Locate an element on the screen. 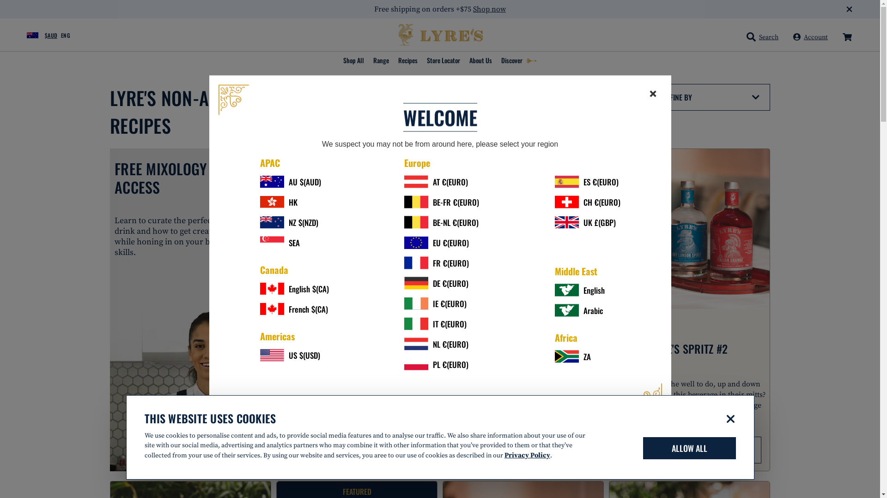 Image resolution: width=887 pixels, height=498 pixels. 'ENG' is located at coordinates (67, 35).